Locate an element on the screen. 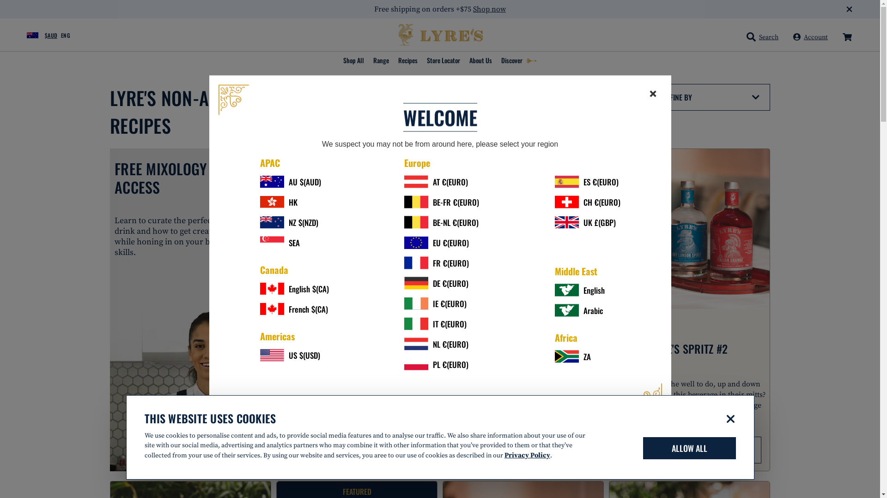 Image resolution: width=887 pixels, height=498 pixels. 'ENG' is located at coordinates (67, 35).